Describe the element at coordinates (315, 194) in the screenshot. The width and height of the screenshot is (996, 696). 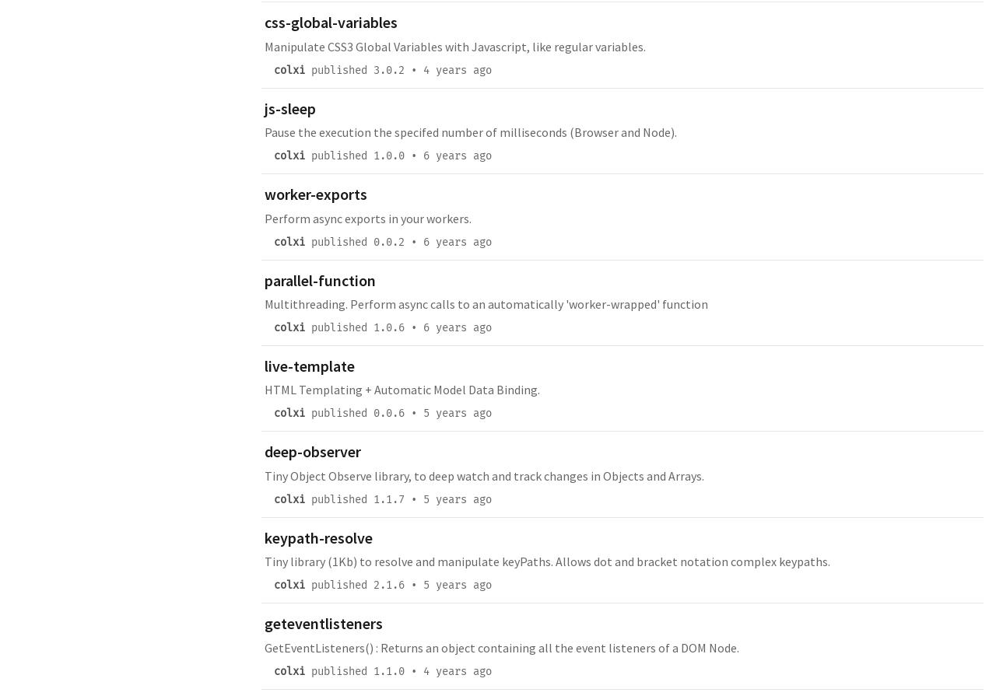
I see `'worker-exports'` at that location.